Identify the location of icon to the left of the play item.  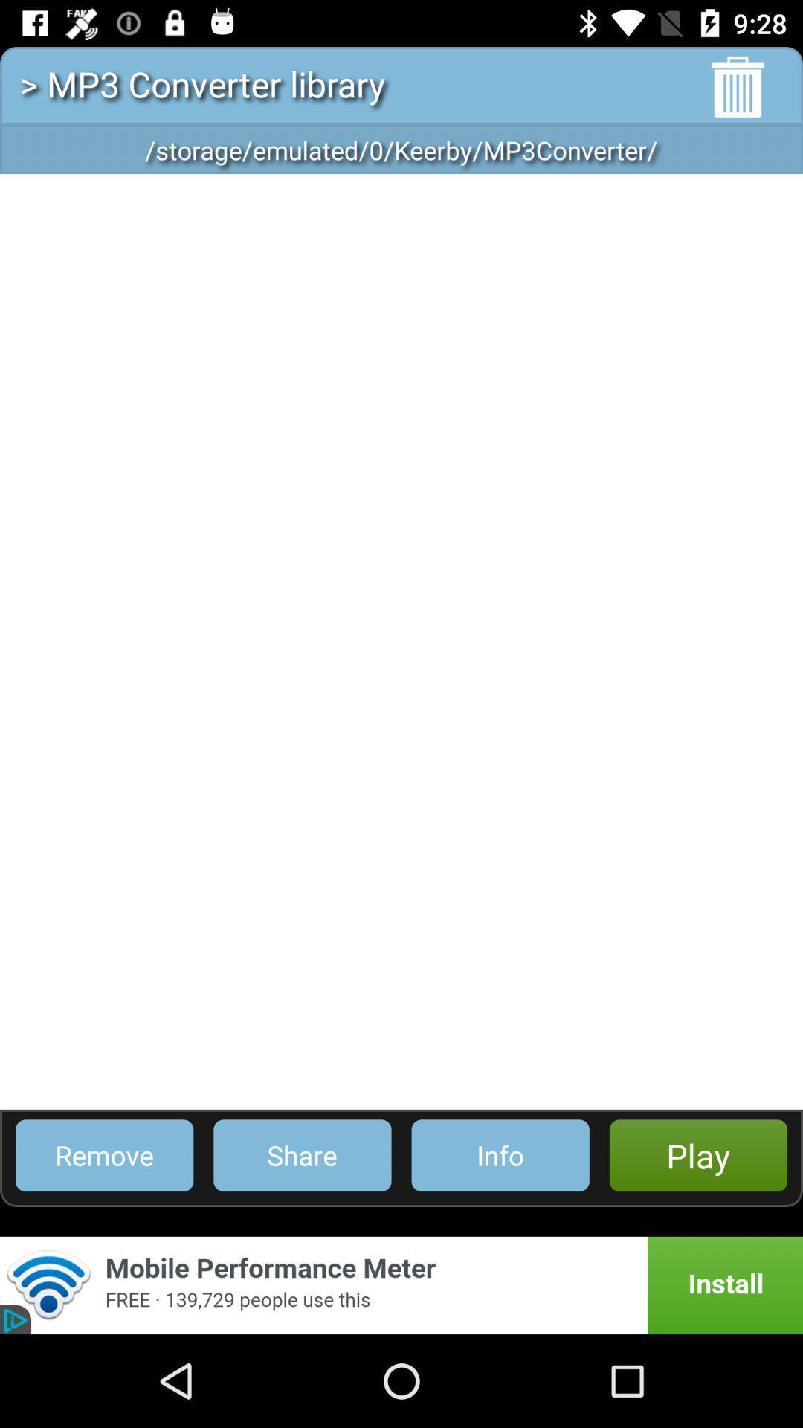
(500, 1154).